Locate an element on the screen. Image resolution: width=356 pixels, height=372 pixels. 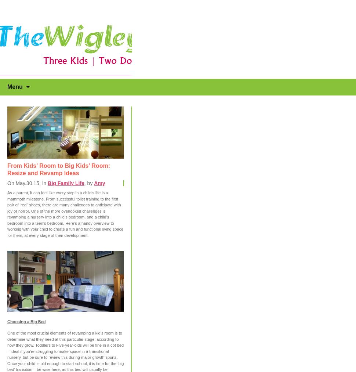
'On May.30.15' is located at coordinates (22, 183).